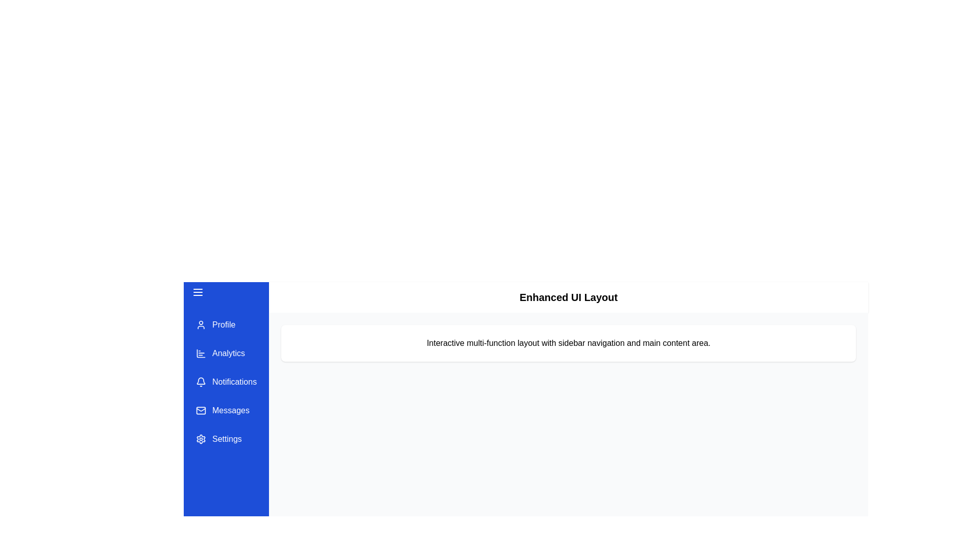 The height and width of the screenshot is (551, 980). Describe the element at coordinates (226, 438) in the screenshot. I see `the 'Settings' text label in the bottom part of the vertical navigation menu` at that location.